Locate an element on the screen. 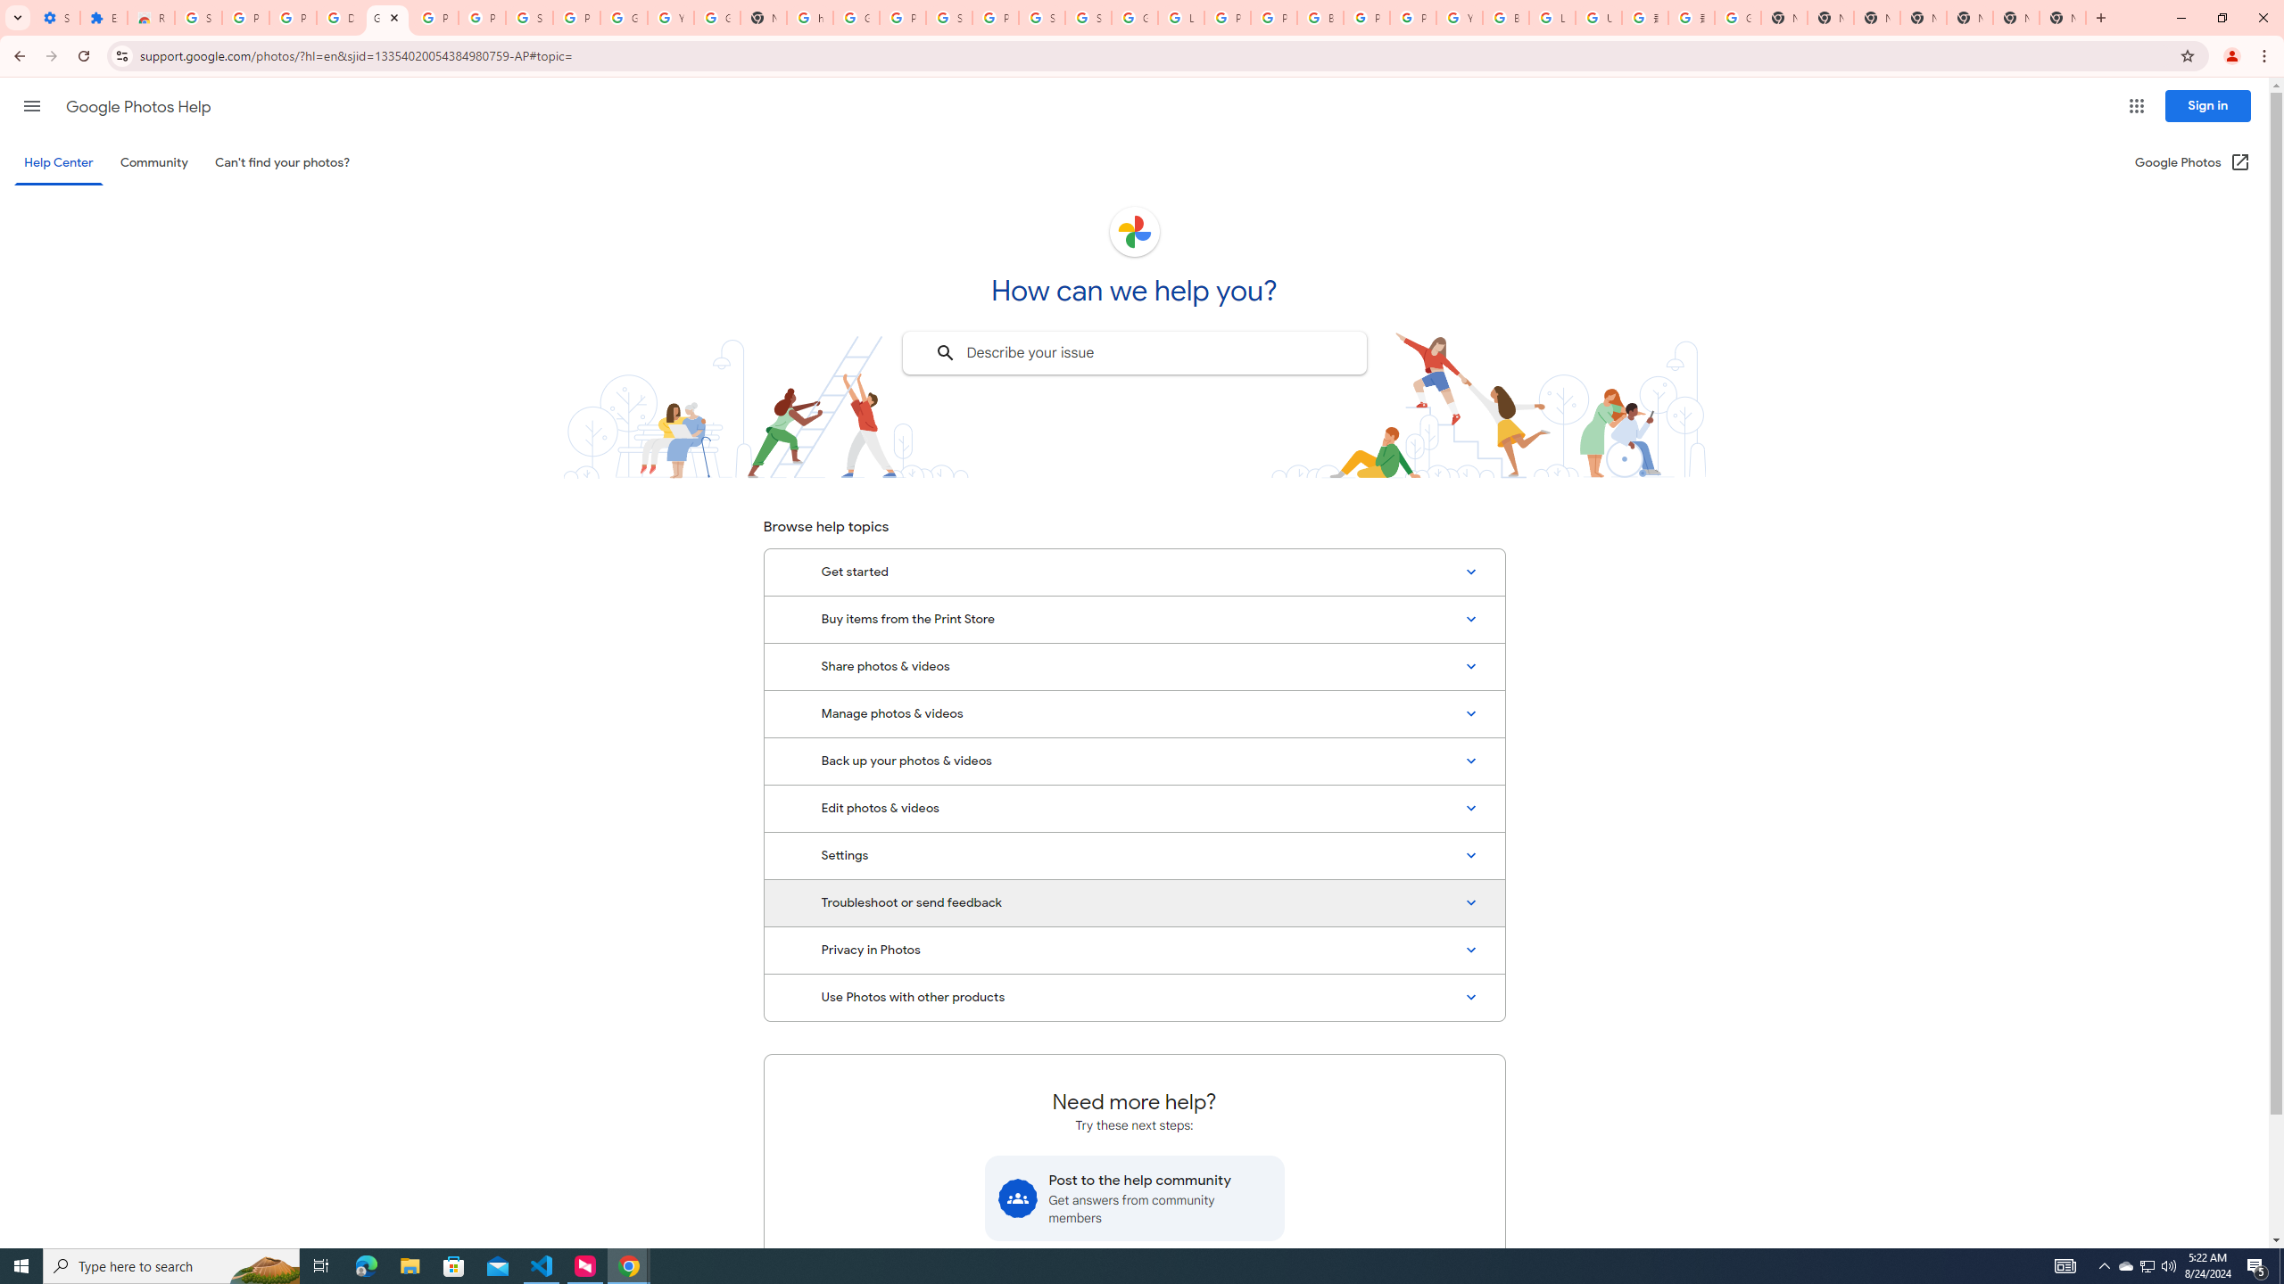 The image size is (2284, 1284). 'Settings' is located at coordinates (1134, 856).